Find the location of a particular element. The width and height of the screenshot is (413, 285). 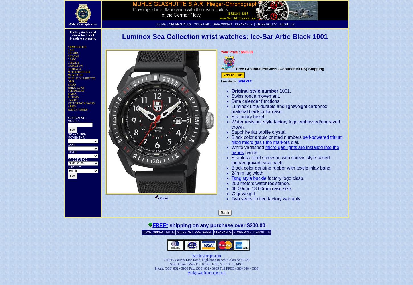

'ARMOURLITE' is located at coordinates (77, 47).